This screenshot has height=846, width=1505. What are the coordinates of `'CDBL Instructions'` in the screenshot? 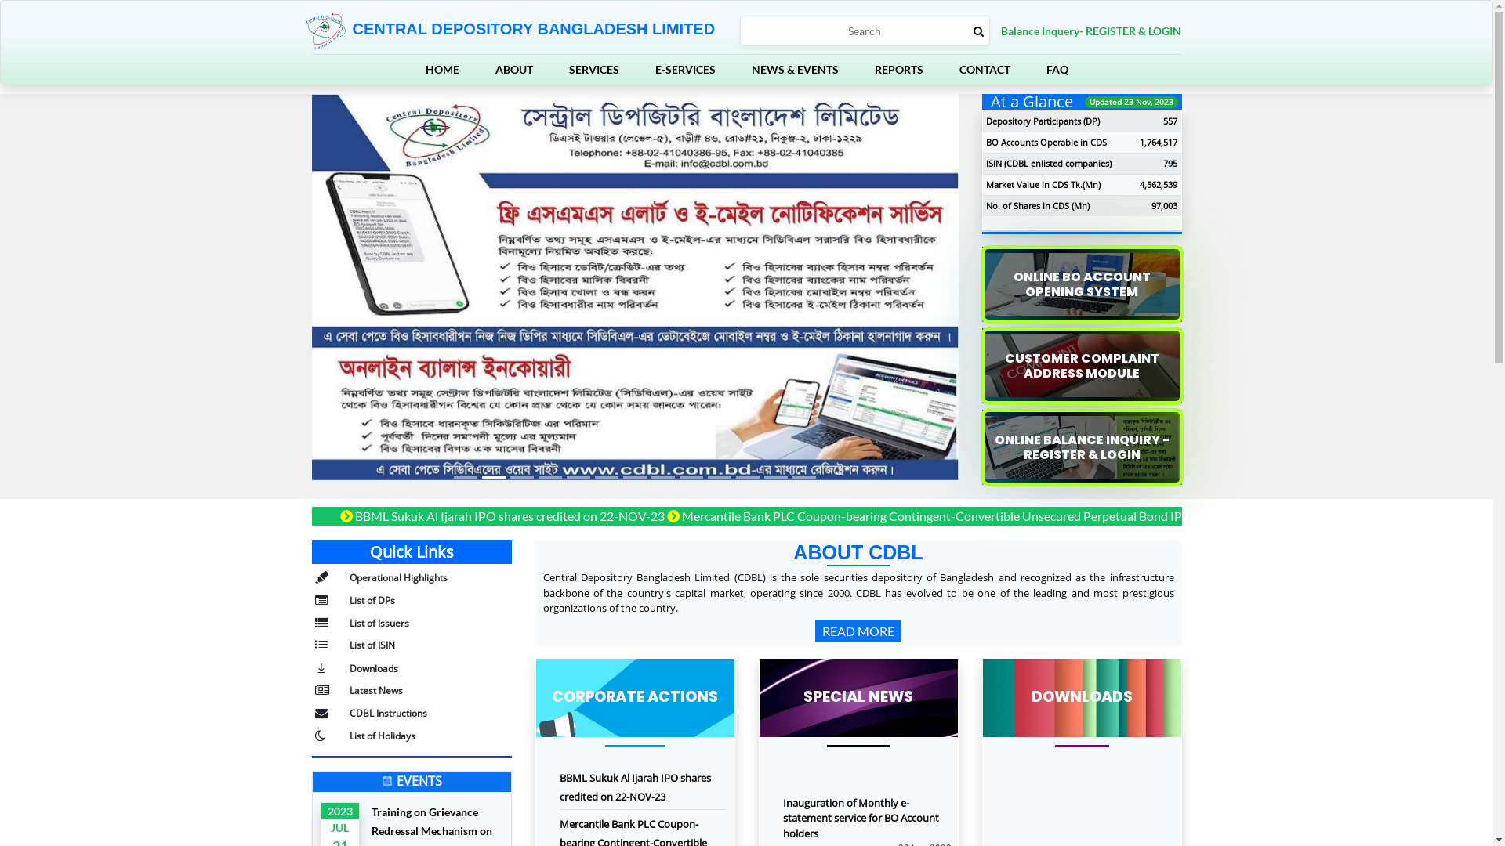 It's located at (388, 713).